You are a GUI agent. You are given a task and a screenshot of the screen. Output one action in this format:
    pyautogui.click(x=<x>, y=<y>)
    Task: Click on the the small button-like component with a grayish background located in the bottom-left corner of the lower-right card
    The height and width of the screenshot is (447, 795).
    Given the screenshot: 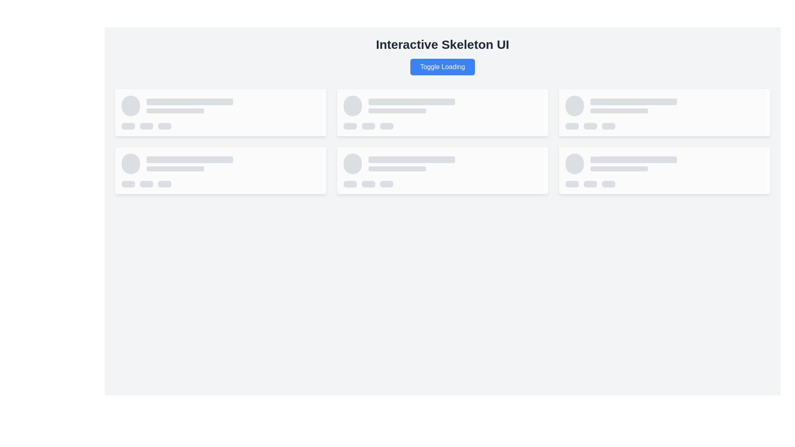 What is the action you would take?
    pyautogui.click(x=350, y=183)
    